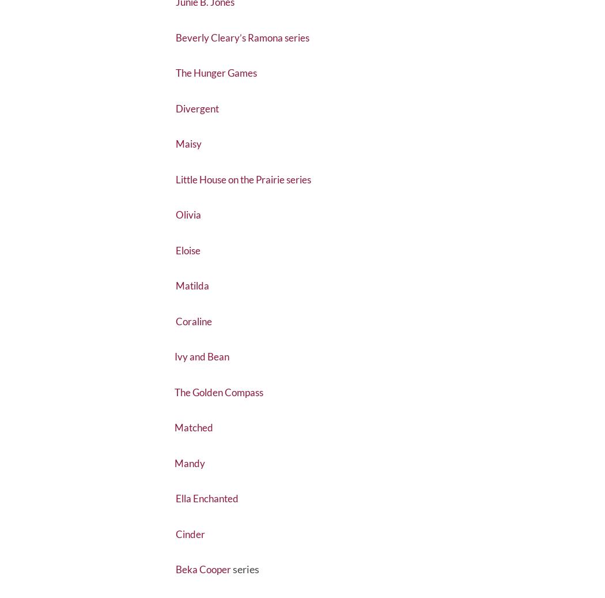  Describe the element at coordinates (195, 455) in the screenshot. I see `'Matched'` at that location.